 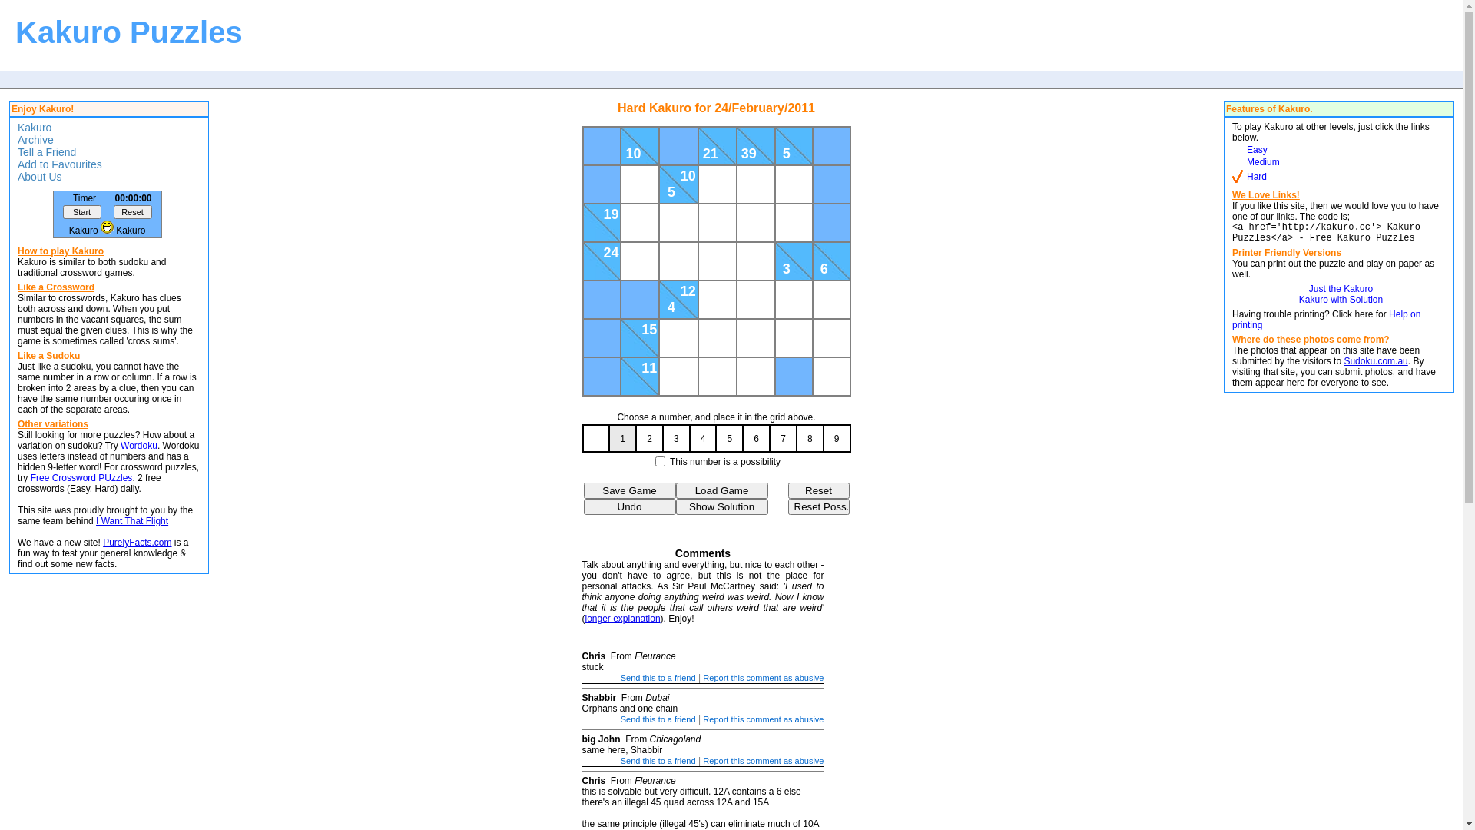 I want to click on 'Free Crossword PUzzles', so click(x=30, y=476).